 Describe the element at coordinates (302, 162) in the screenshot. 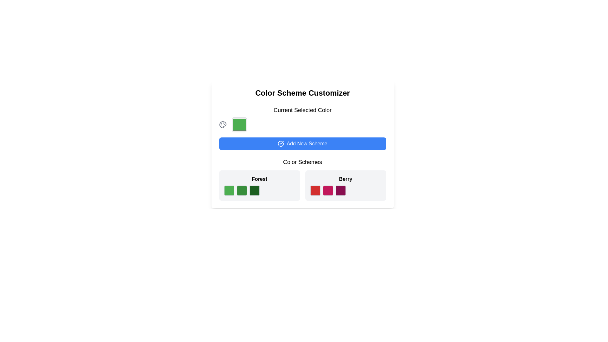

I see `the Text Label that serves as a title for the available color schemes, located above the grids labeled 'Forest' and 'Berry'` at that location.